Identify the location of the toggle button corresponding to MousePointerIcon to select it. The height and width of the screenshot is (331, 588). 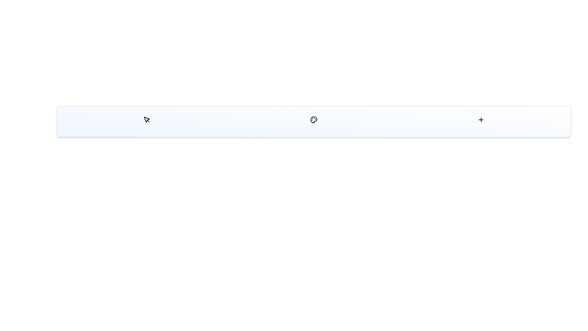
(146, 120).